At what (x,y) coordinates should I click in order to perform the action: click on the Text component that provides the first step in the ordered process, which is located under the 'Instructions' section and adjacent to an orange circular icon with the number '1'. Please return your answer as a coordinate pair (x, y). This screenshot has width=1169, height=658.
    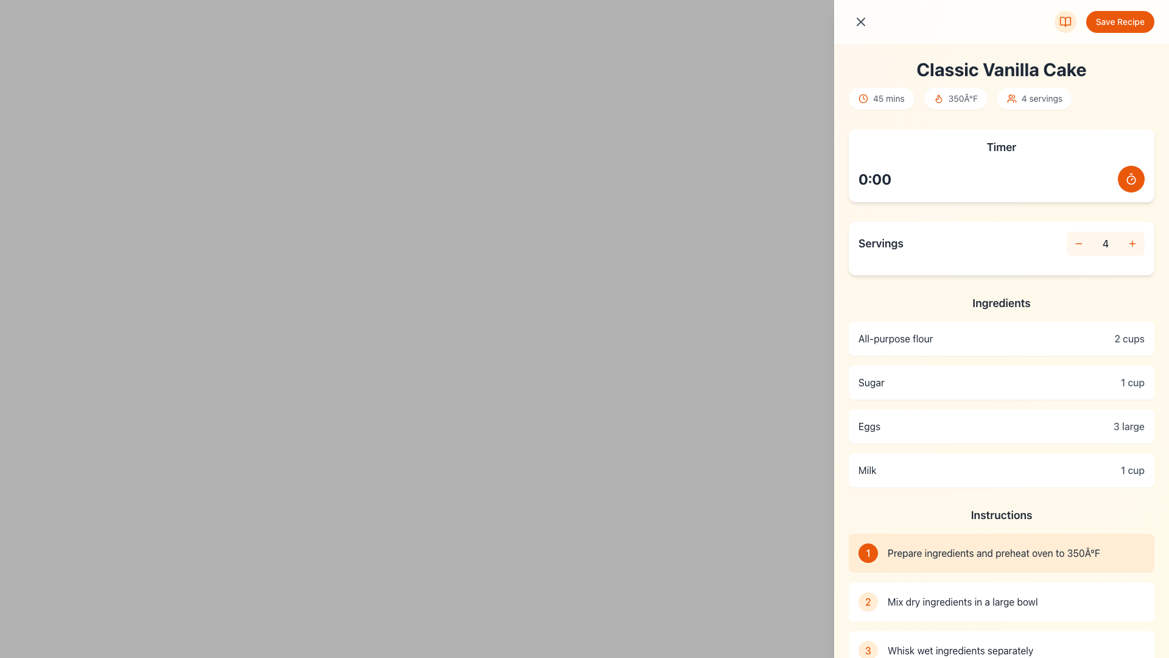
    Looking at the image, I should click on (1016, 553).